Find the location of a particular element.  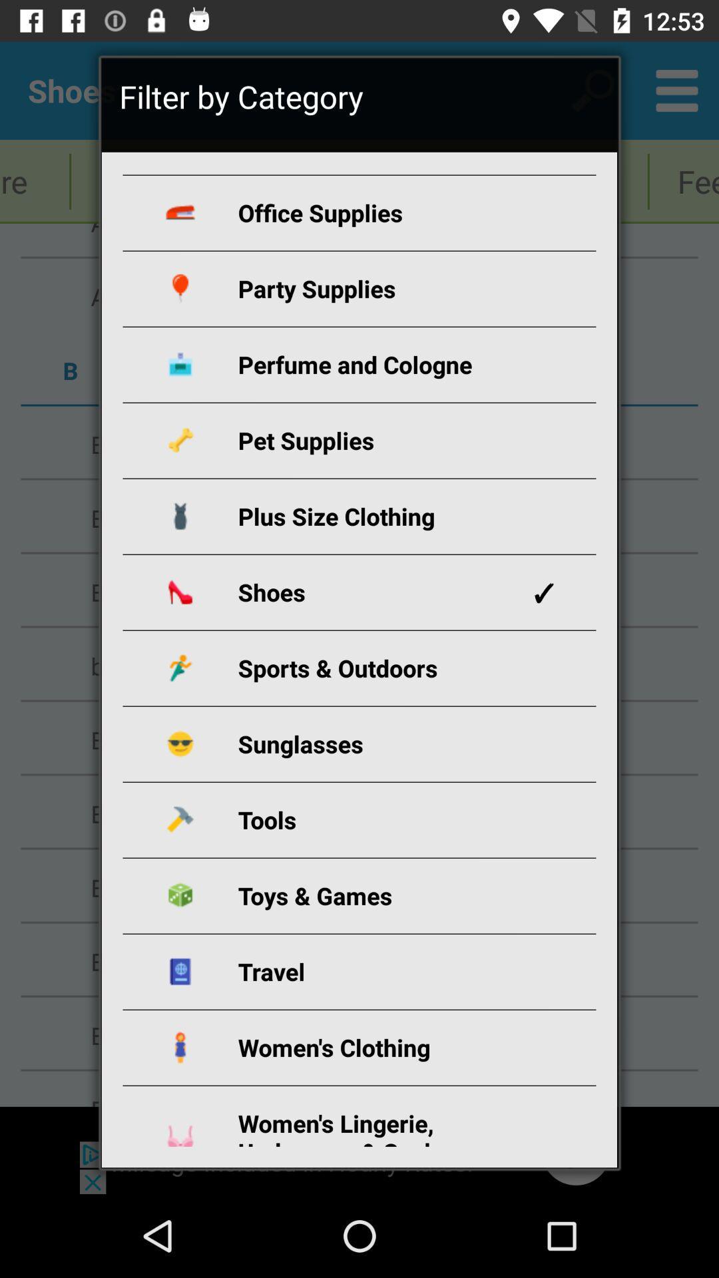

office supplies is located at coordinates (375, 212).